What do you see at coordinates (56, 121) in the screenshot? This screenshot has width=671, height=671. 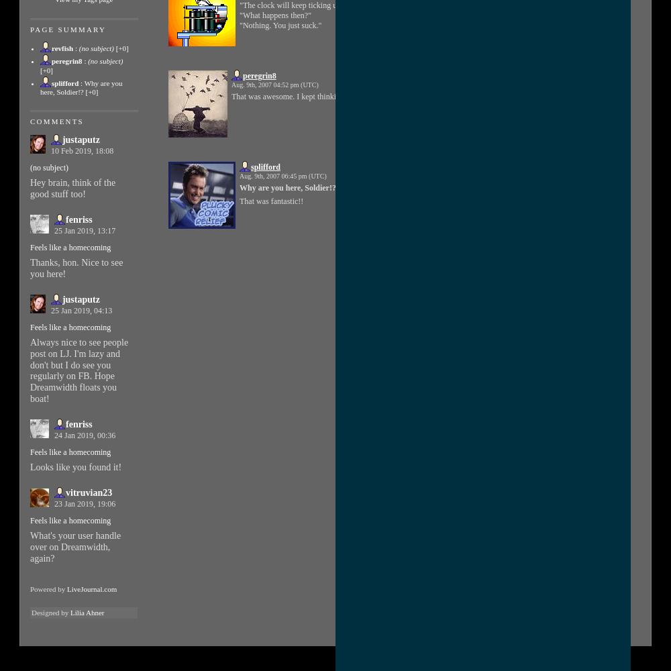 I see `'Comments'` at bounding box center [56, 121].